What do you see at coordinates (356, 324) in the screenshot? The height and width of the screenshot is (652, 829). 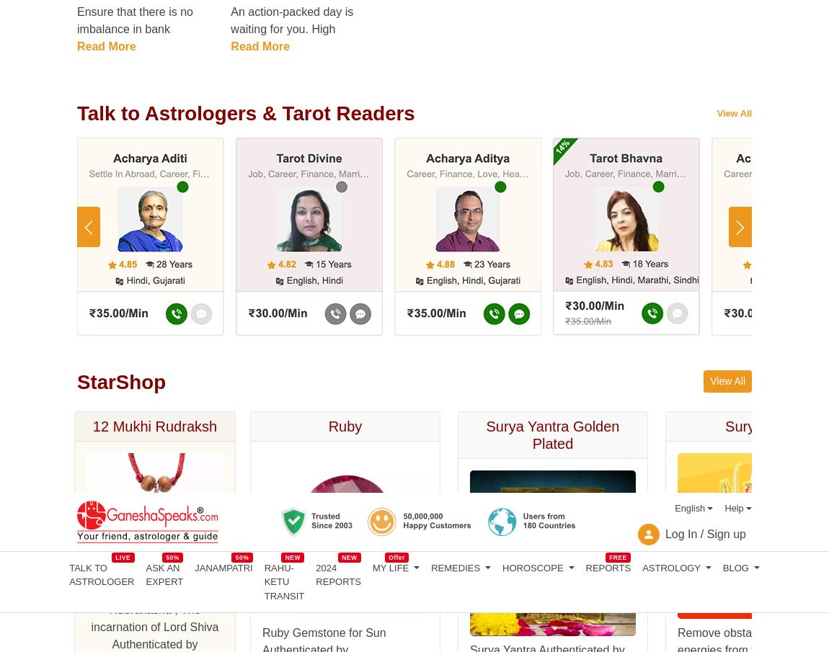 I see `'User from 180 Countries'` at bounding box center [356, 324].